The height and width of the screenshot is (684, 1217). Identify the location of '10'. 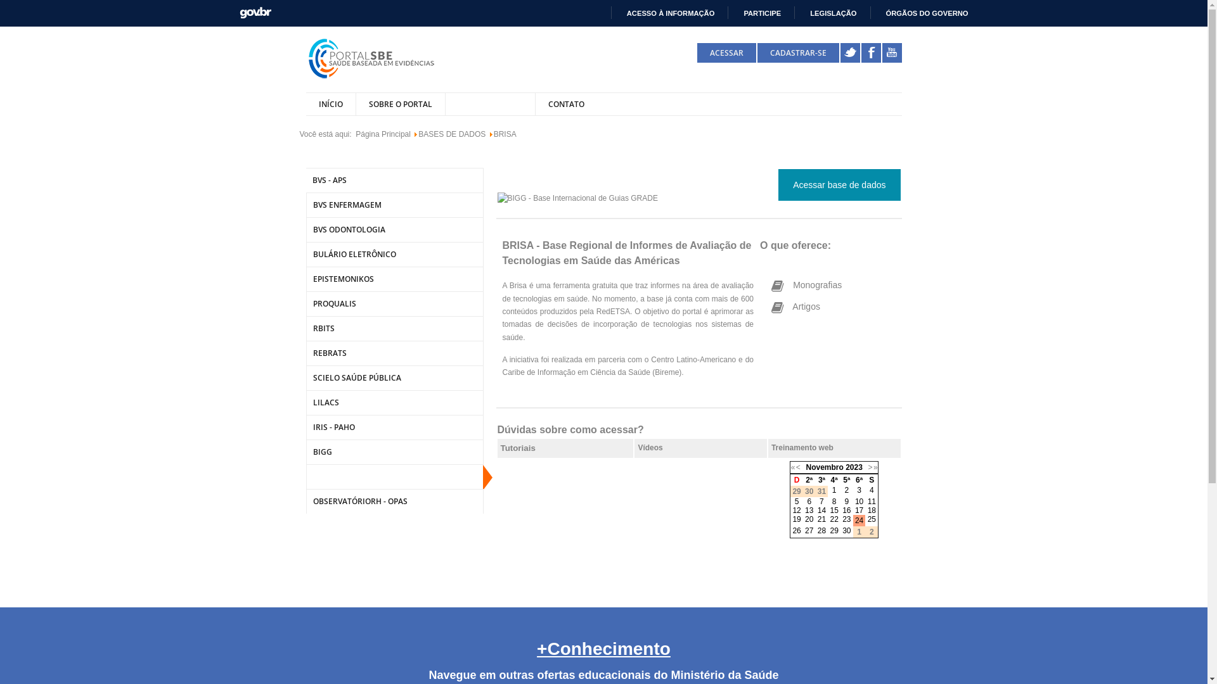
(859, 500).